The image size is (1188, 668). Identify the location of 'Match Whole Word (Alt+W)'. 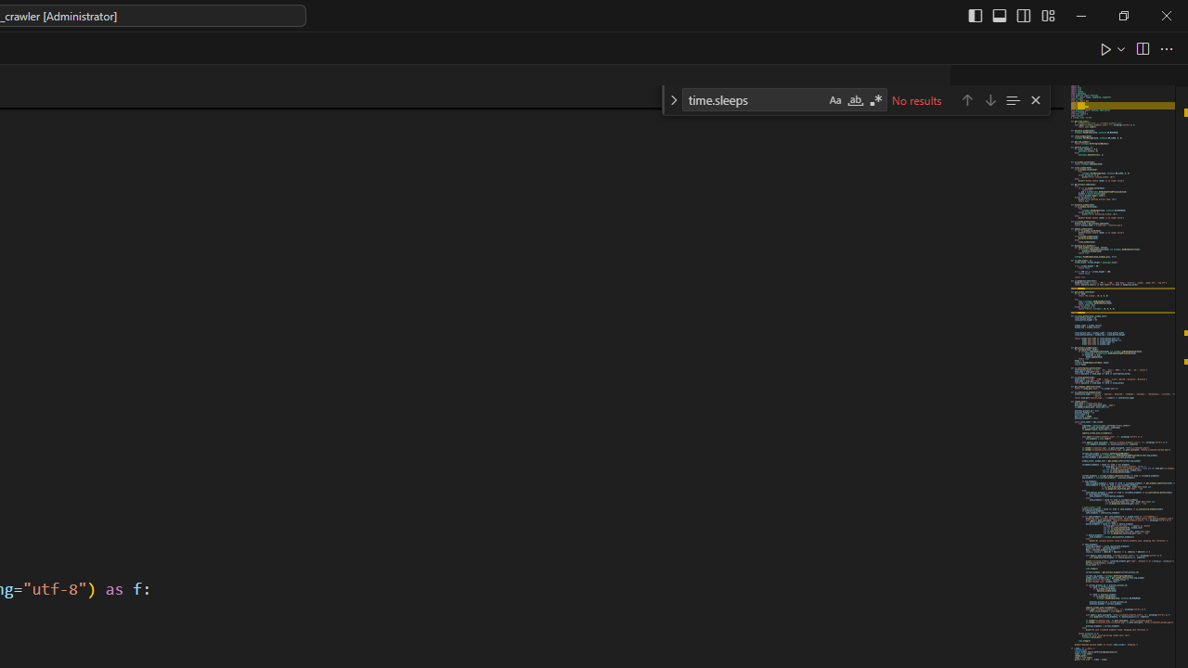
(854, 100).